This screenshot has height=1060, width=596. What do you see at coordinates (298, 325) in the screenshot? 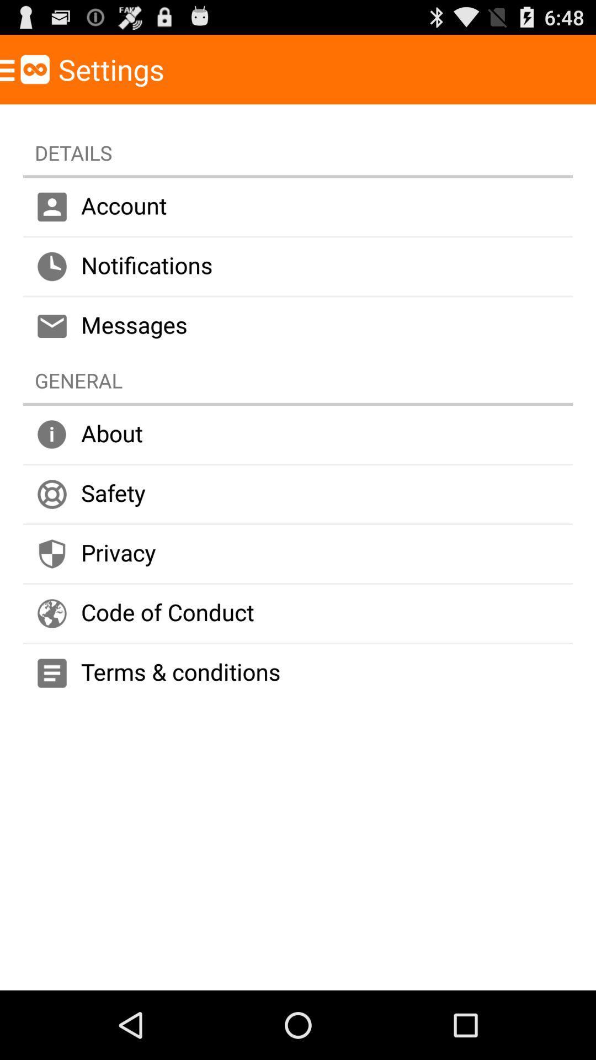
I see `messages item` at bounding box center [298, 325].